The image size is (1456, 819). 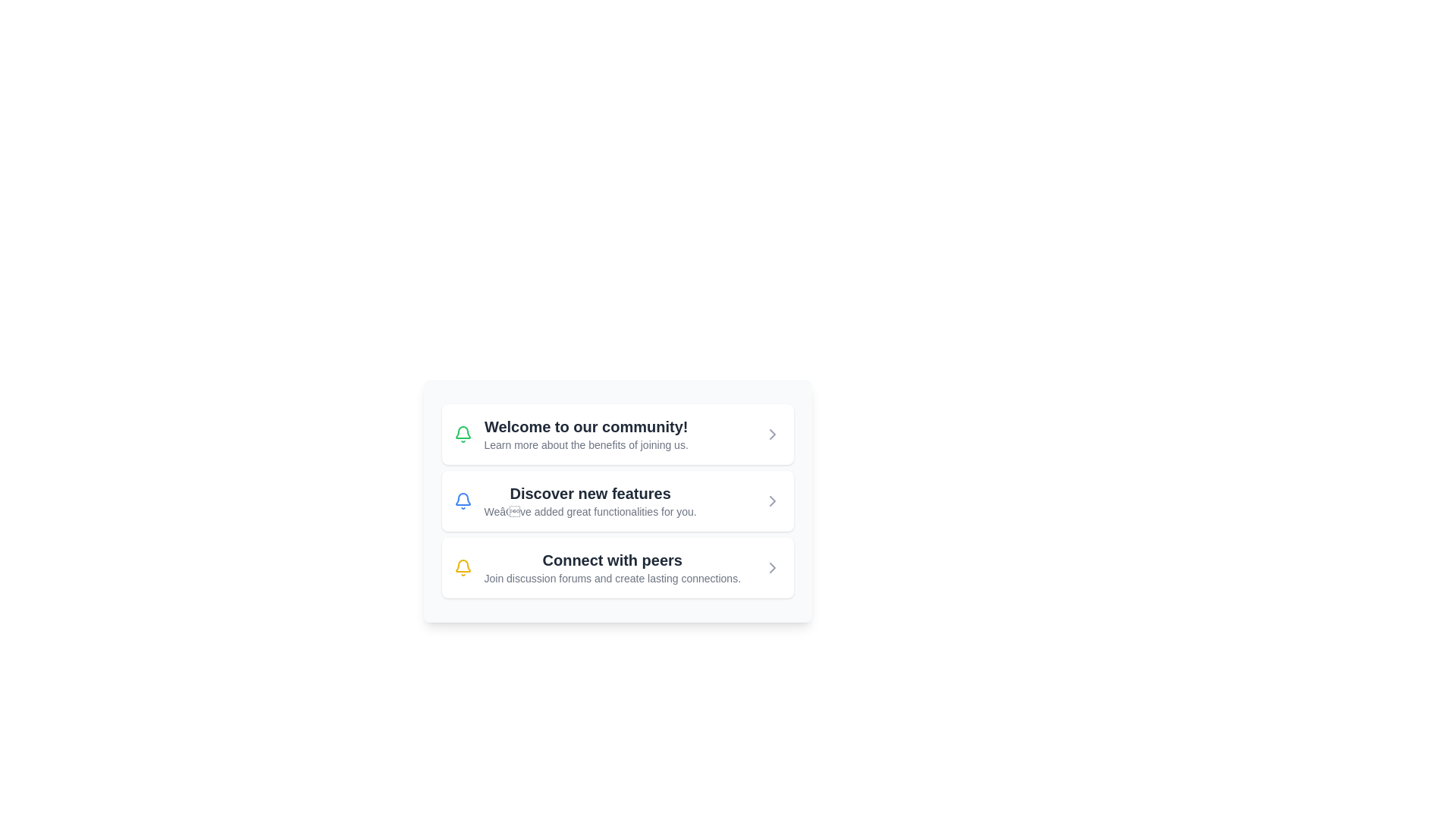 What do you see at coordinates (612, 560) in the screenshot?
I see `text displayed in bold, large font saying 'Connect with peers', which is centrally aligned within the card component, positioned below the title section and above the descriptive text` at bounding box center [612, 560].